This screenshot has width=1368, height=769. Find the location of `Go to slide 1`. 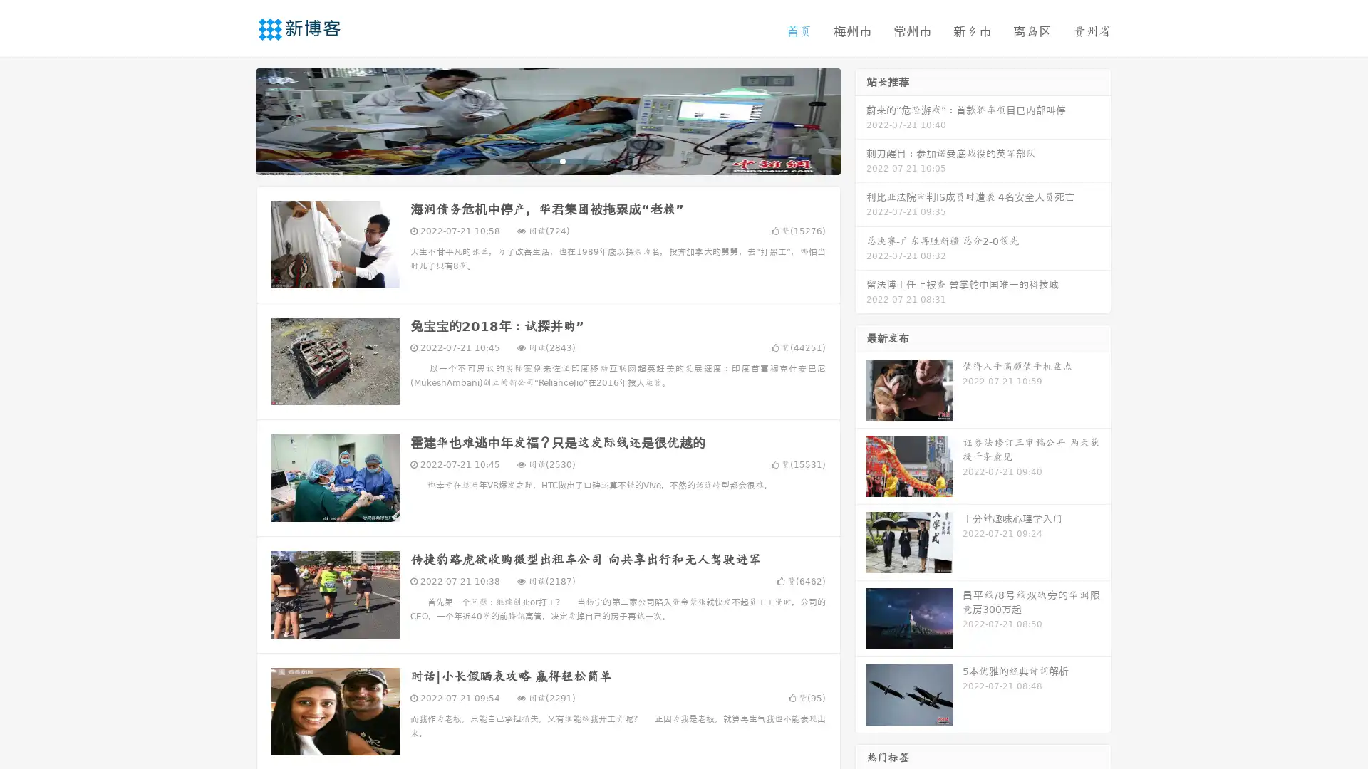

Go to slide 1 is located at coordinates (533, 160).